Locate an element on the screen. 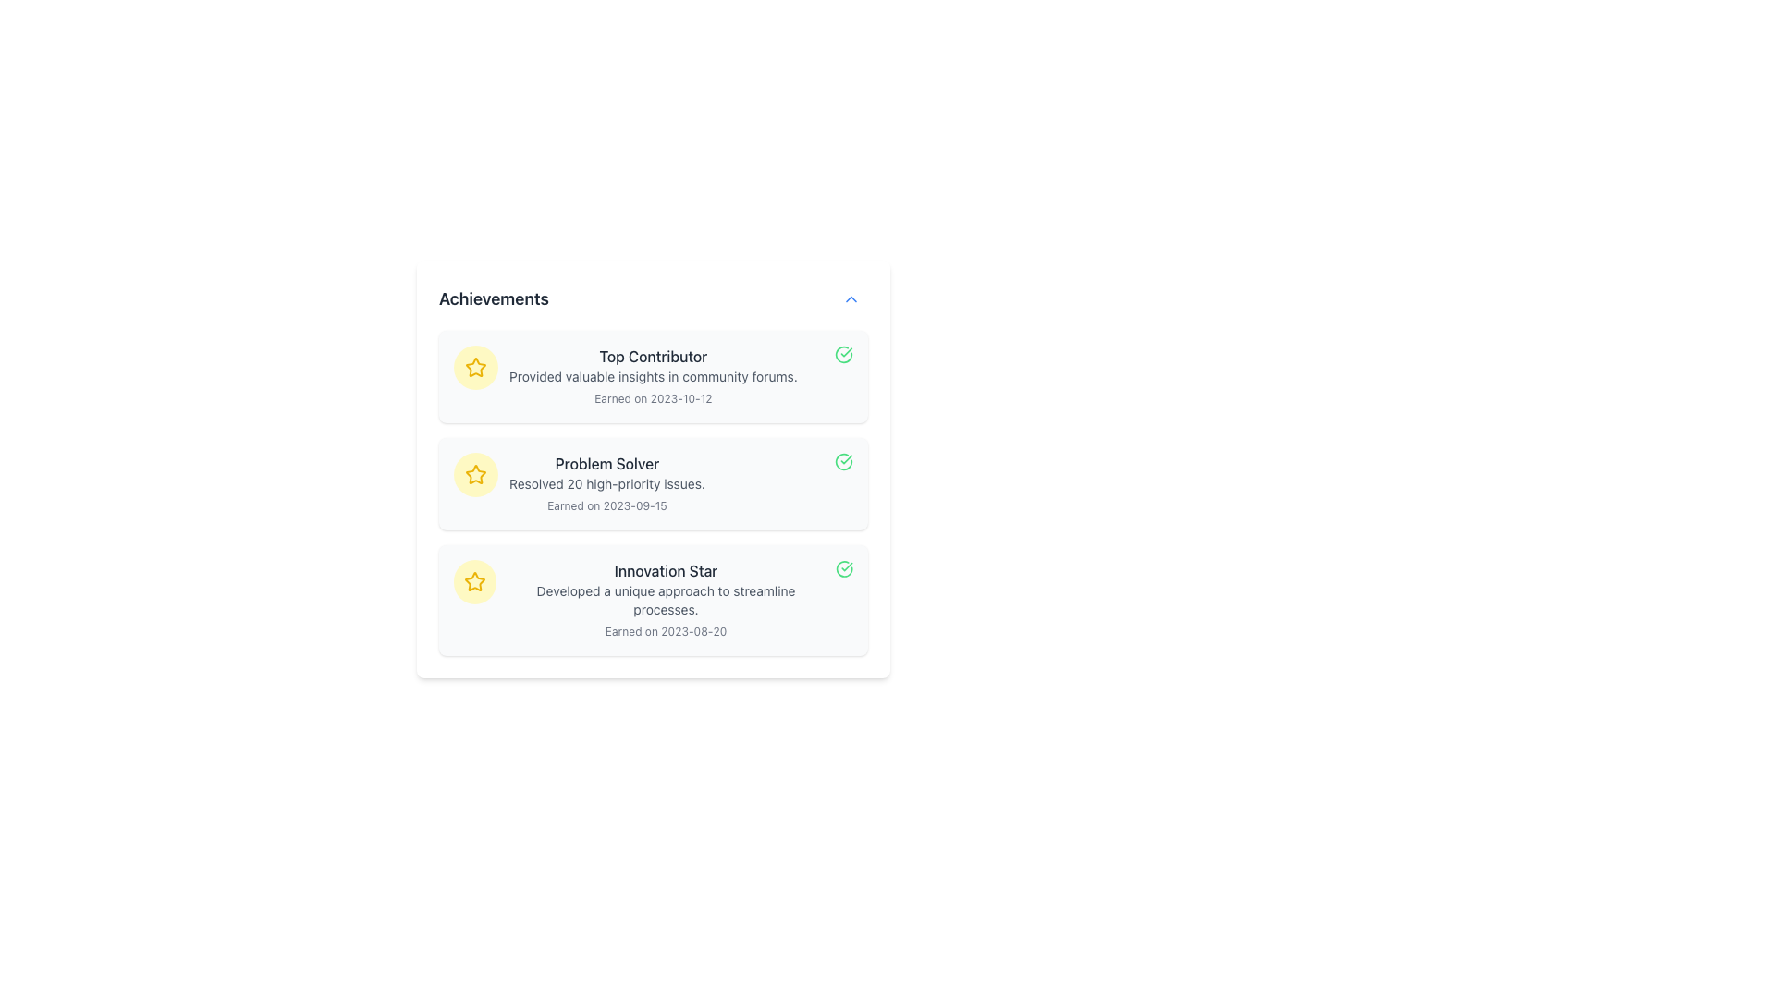 Image resolution: width=1775 pixels, height=998 pixels. text label displaying 'Innovation Star' located at the top of the achievement block, which is centered in the application layout is located at coordinates (666, 569).